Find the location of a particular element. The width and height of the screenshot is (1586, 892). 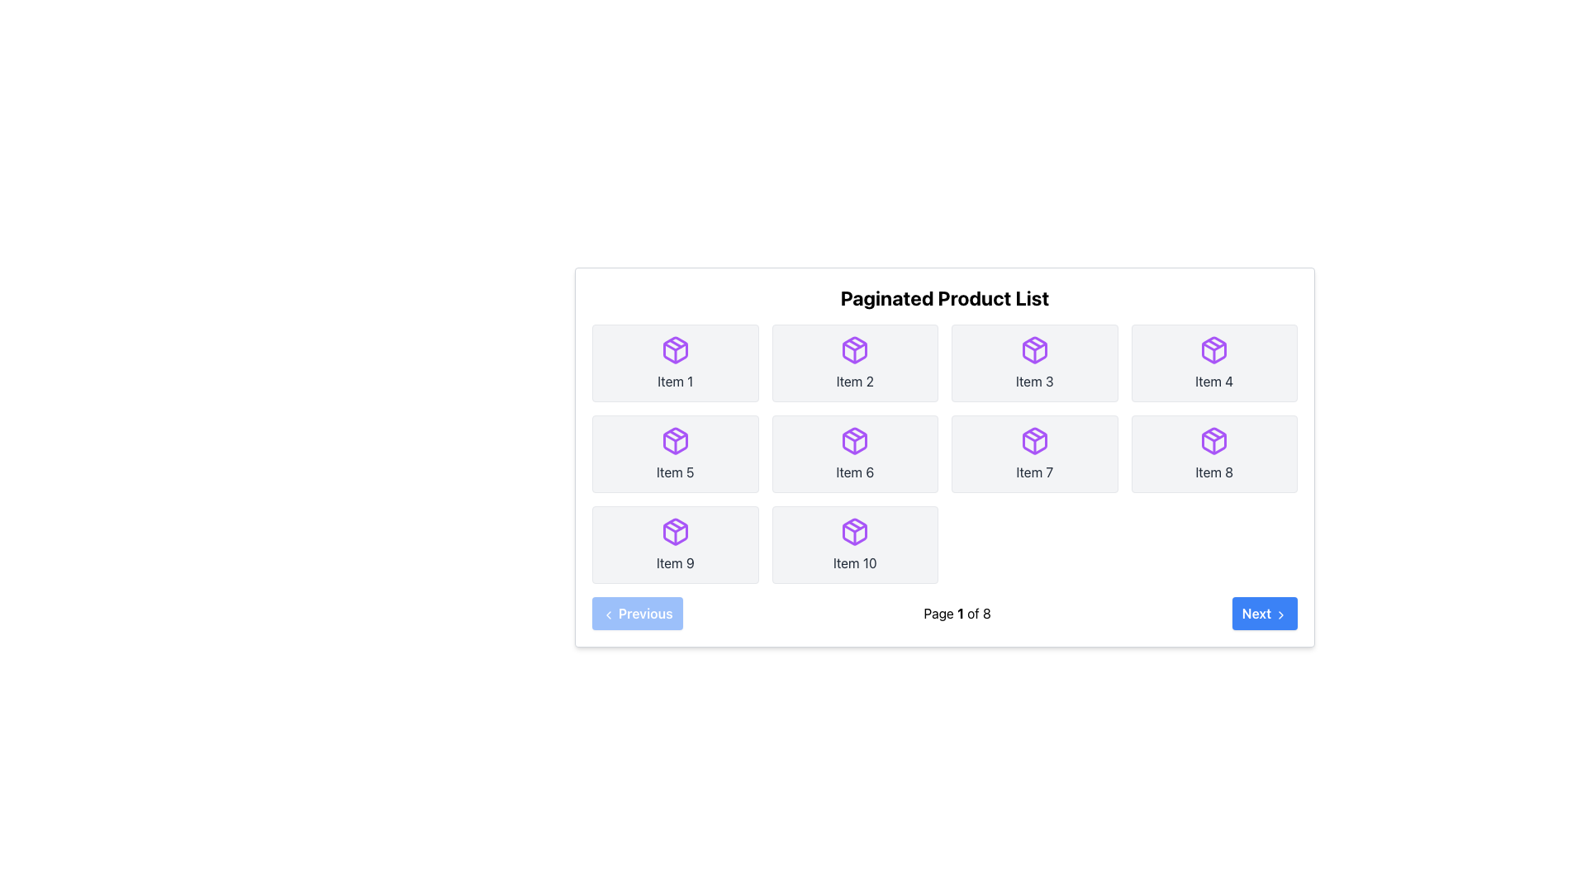

the text label displaying 'Item 2' in the second column of the first row in the grid-based layout of products is located at coordinates (855, 382).